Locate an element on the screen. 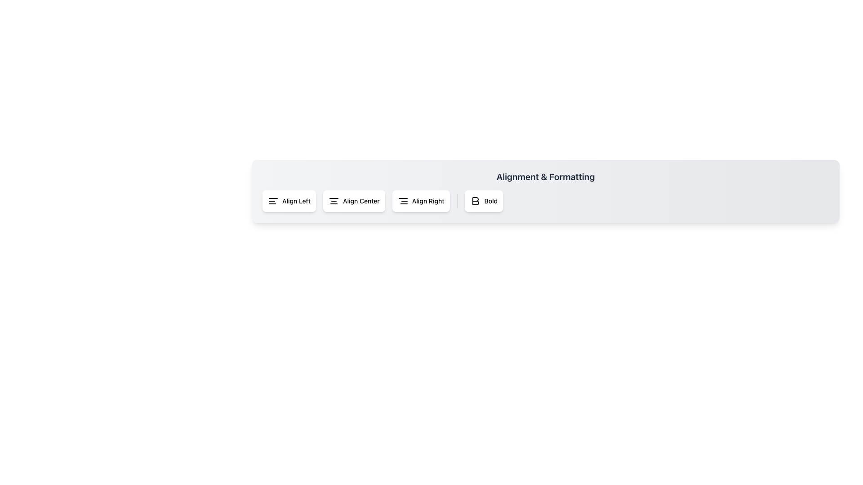  the thin vertical gray line separator located between the 'Align Right' button and 'Bold' button in the toolbar is located at coordinates (457, 200).